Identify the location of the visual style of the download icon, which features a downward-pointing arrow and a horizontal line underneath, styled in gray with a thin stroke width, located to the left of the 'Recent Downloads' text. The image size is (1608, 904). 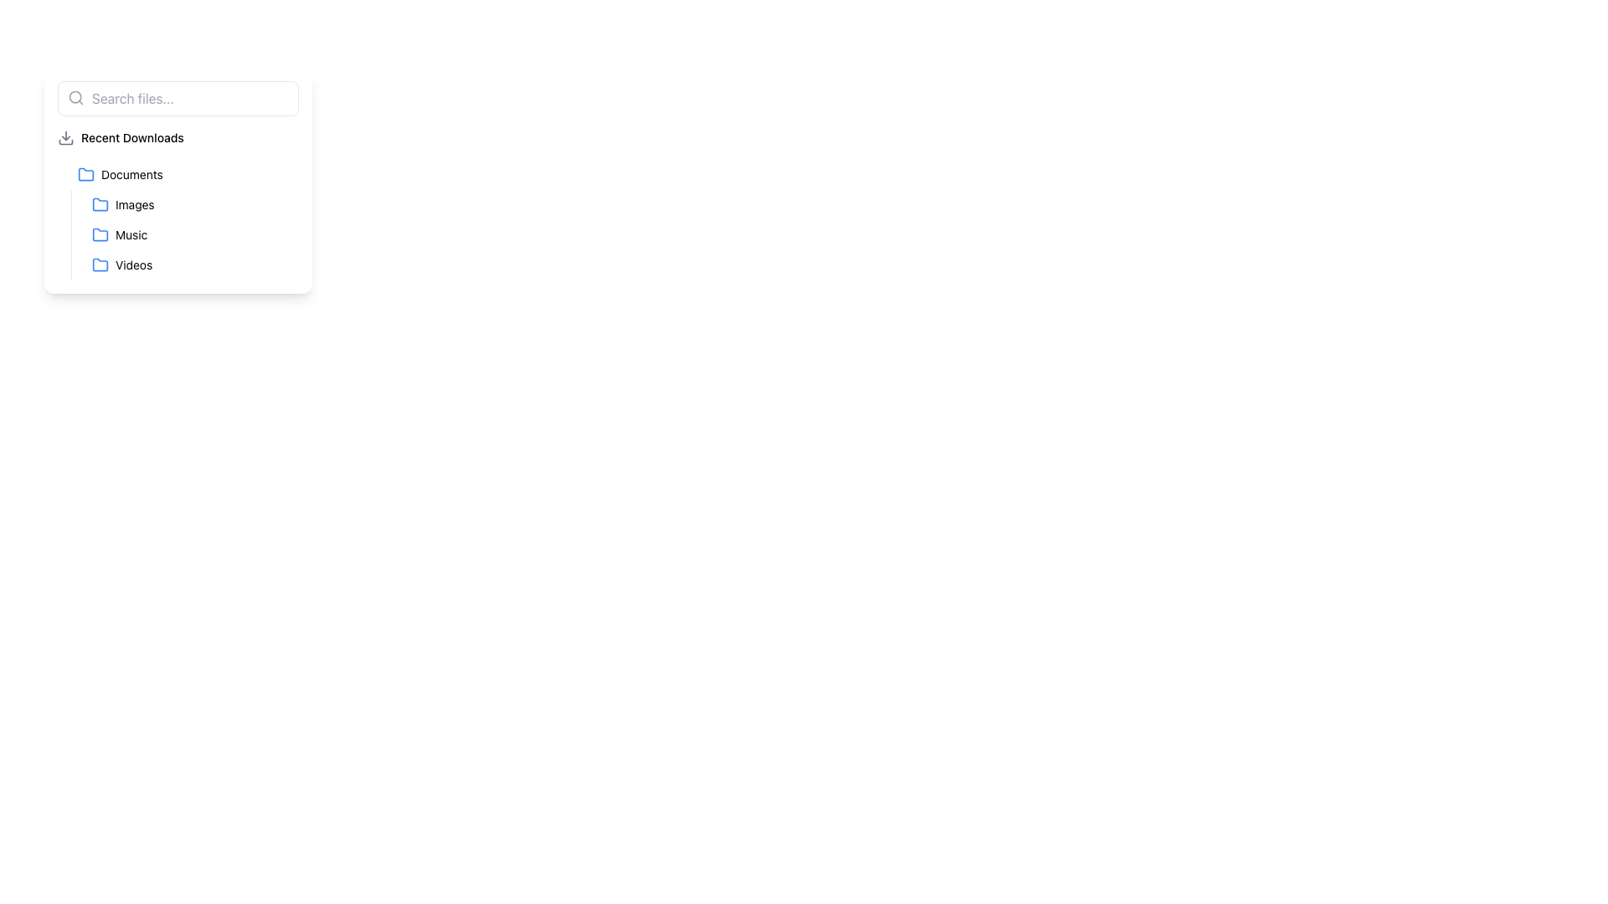
(65, 137).